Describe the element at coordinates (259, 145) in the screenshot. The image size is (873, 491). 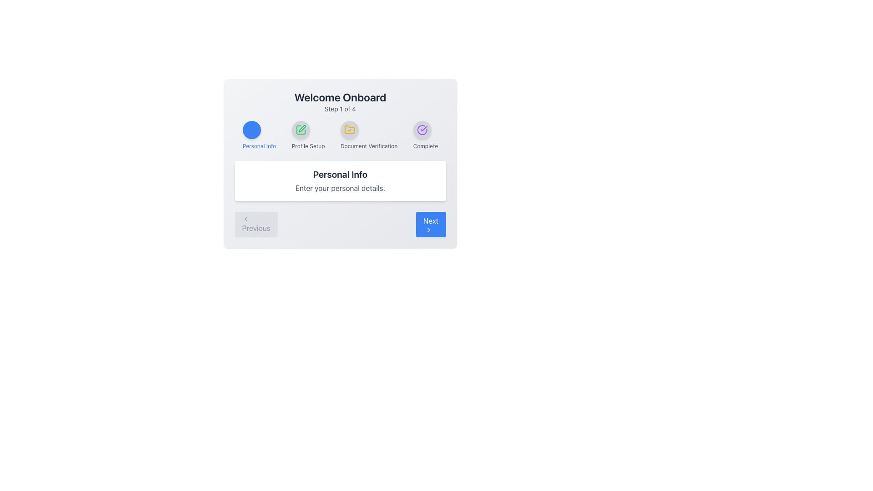
I see `the 'Personal Info' text label, which is displayed in a small blue font and located directly beneath a circular blue icon in the top-left portion of the main interface panel` at that location.